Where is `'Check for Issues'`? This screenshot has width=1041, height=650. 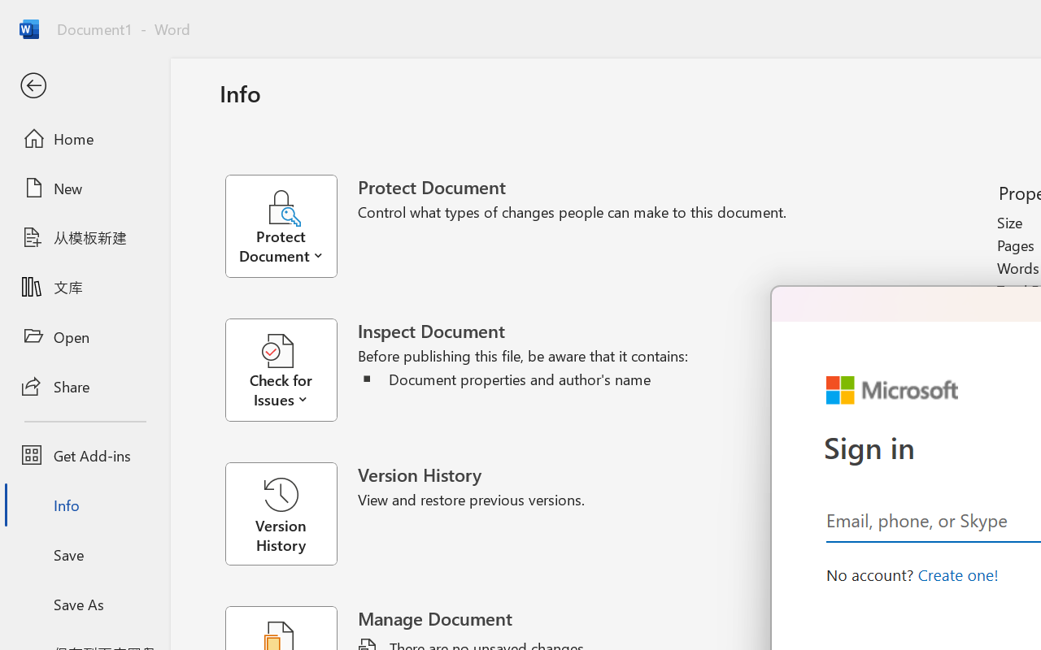
'Check for Issues' is located at coordinates (291, 369).